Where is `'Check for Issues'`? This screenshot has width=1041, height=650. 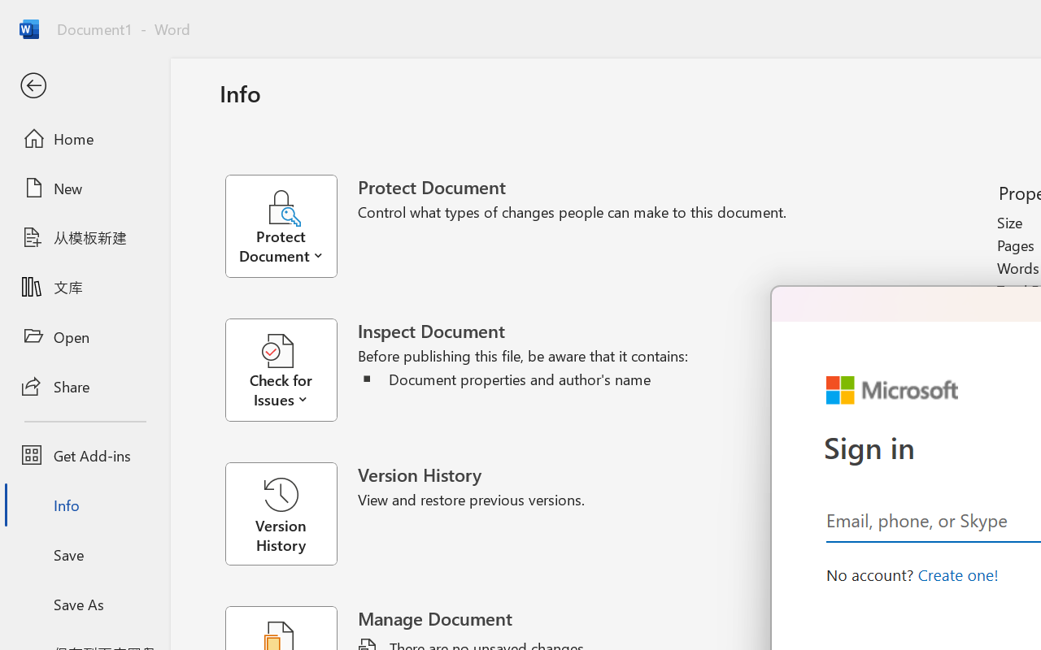
'Check for Issues' is located at coordinates (291, 369).